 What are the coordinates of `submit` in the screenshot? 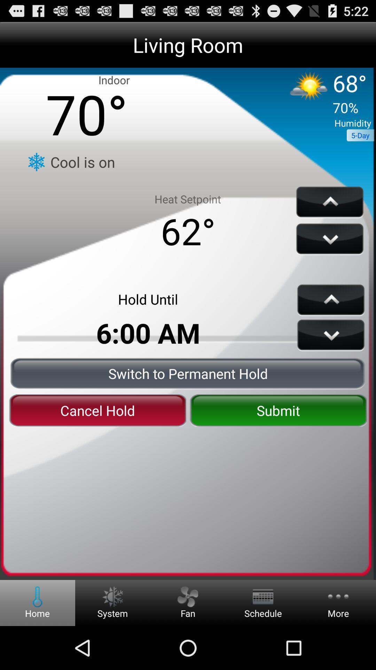 It's located at (278, 410).